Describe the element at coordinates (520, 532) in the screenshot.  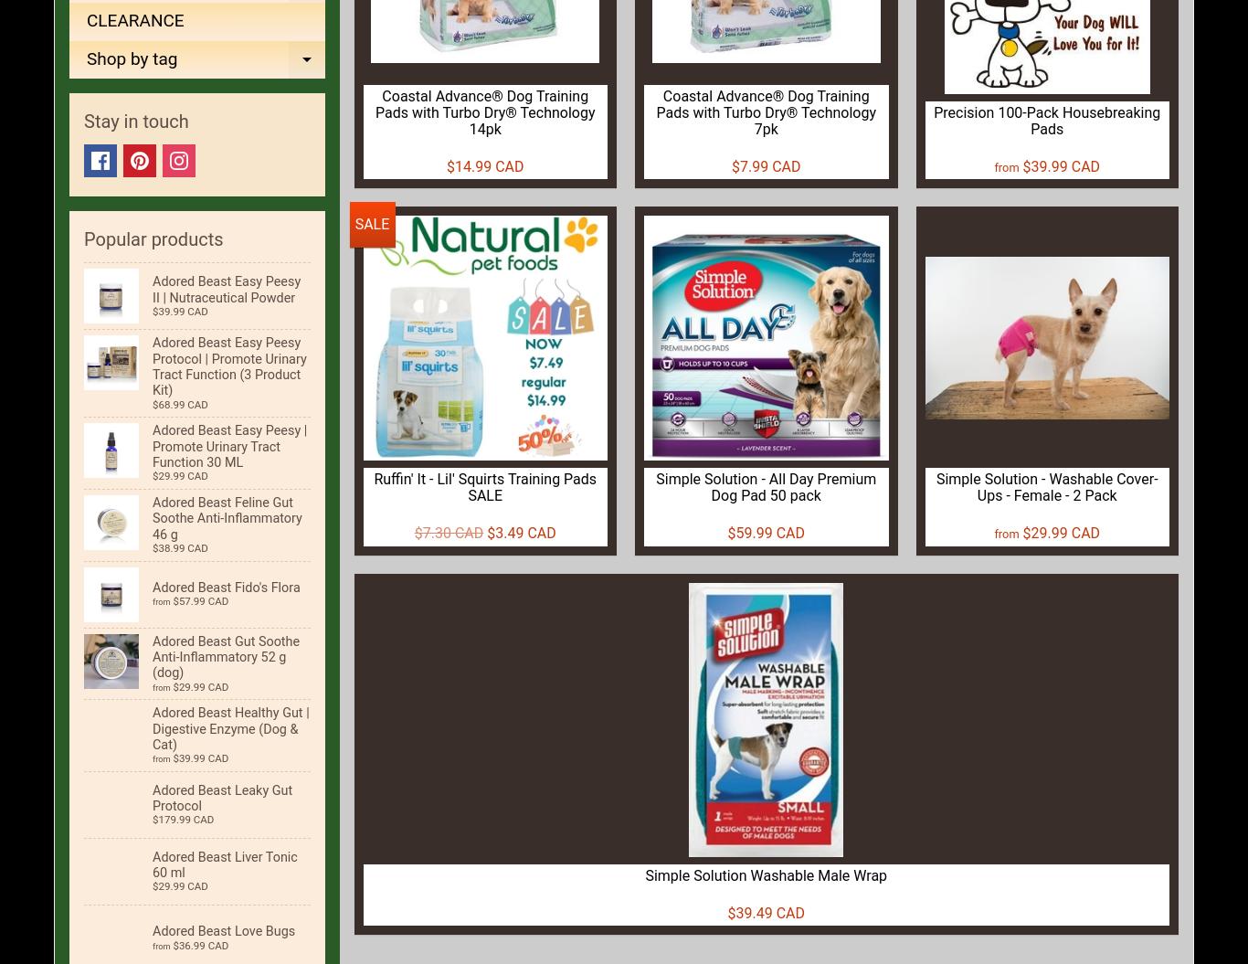
I see `'$3.49 CAD'` at that location.